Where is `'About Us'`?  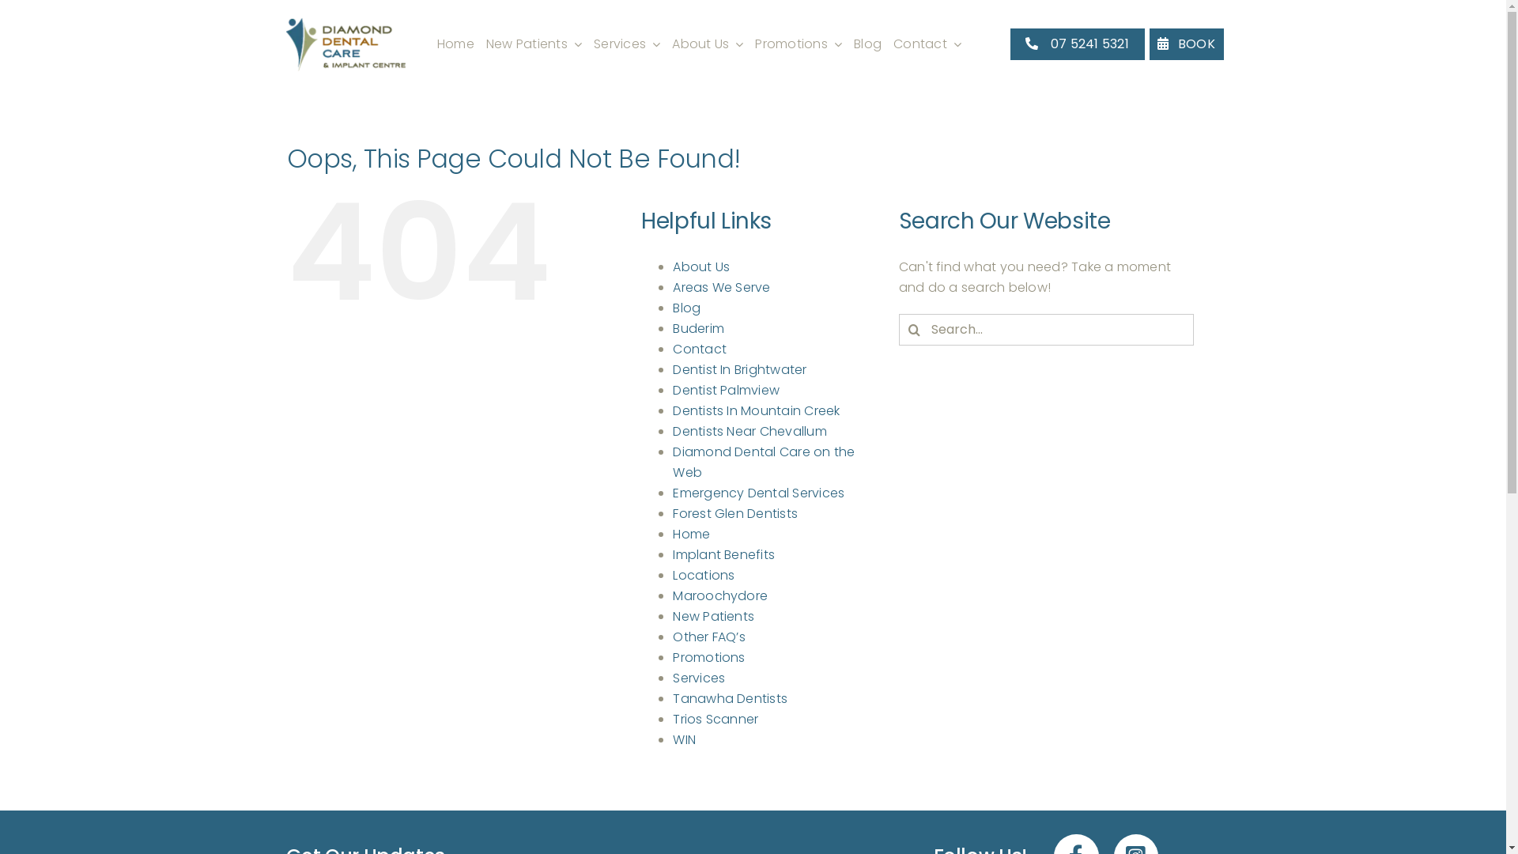
'About Us' is located at coordinates (706, 43).